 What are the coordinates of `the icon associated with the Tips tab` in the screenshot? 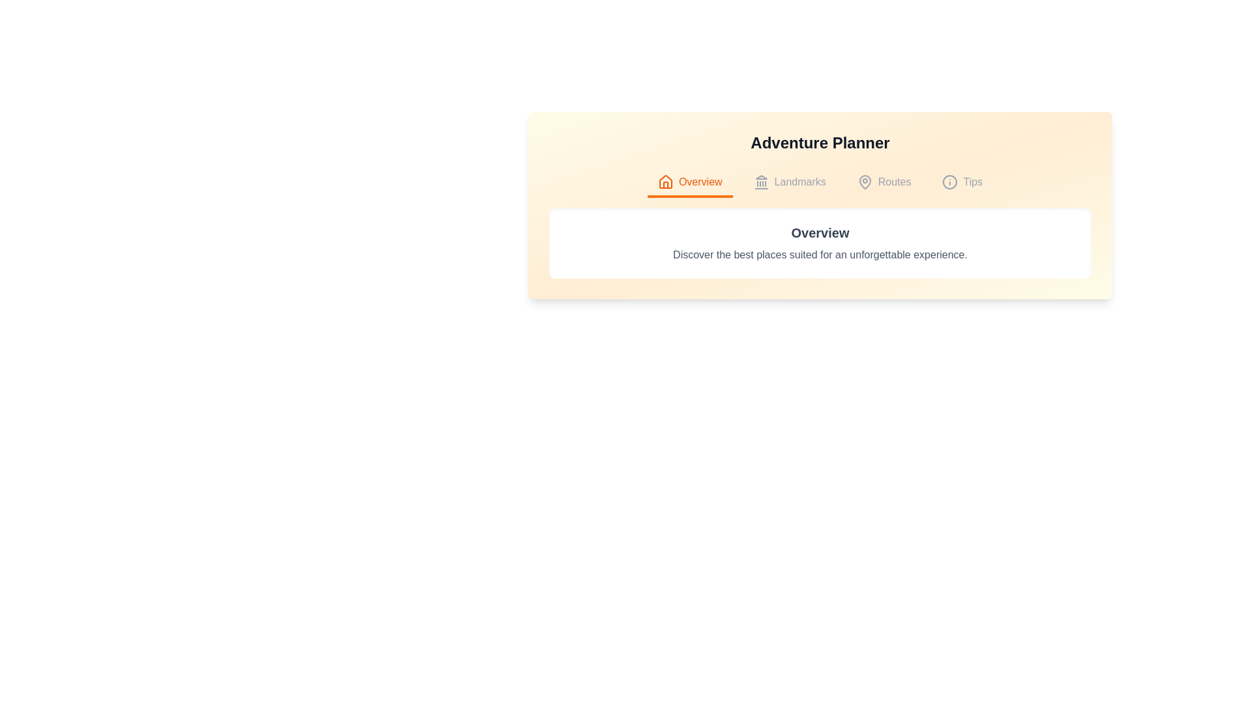 It's located at (950, 182).